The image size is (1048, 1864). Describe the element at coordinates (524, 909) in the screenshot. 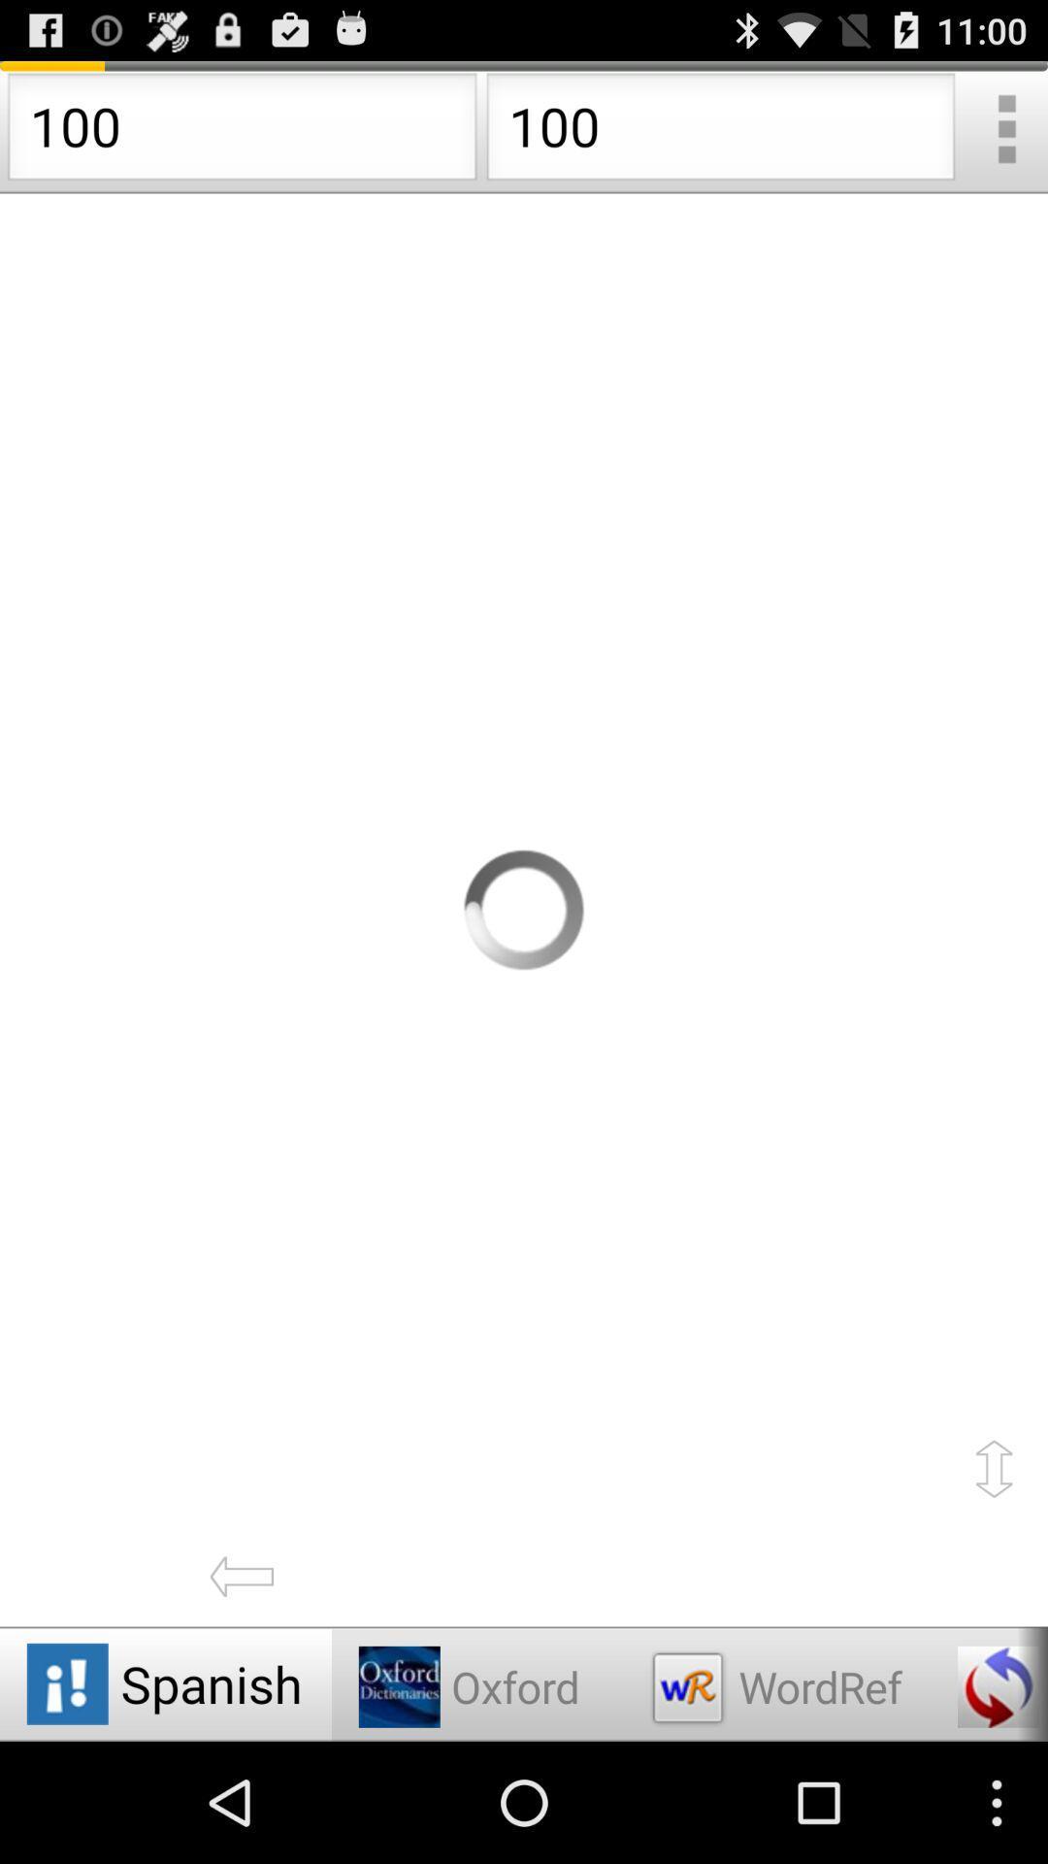

I see `loding page` at that location.